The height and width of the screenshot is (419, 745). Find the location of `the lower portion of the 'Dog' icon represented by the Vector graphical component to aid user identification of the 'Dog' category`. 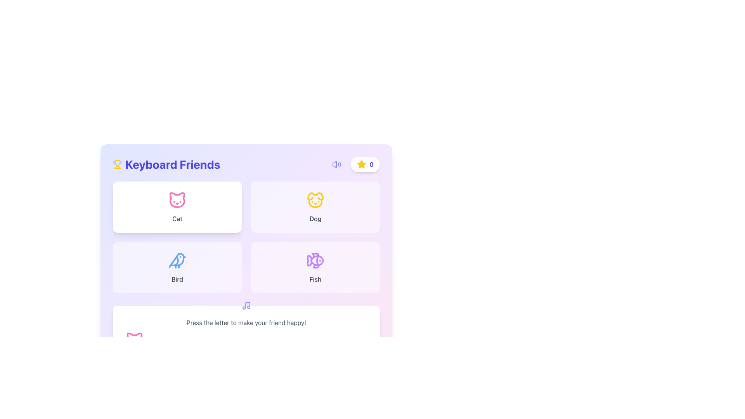

the lower portion of the 'Dog' icon represented by the Vector graphical component to aid user identification of the 'Dog' category is located at coordinates (315, 203).